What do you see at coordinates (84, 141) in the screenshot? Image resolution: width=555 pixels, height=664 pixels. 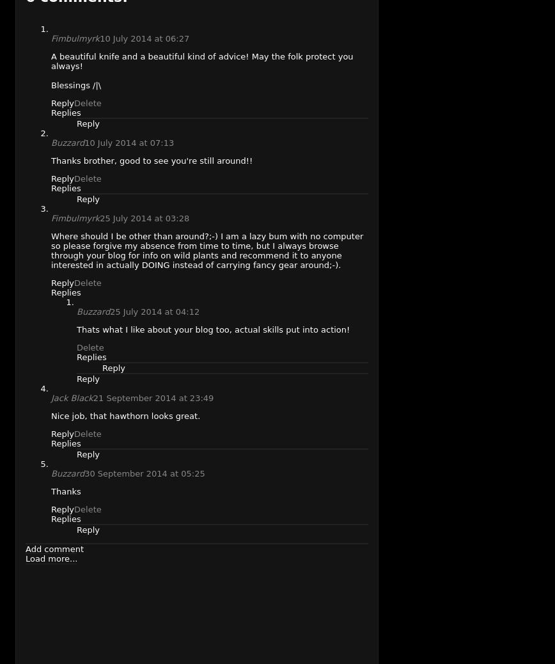 I see `'10 July 2014 at 07:13'` at bounding box center [84, 141].